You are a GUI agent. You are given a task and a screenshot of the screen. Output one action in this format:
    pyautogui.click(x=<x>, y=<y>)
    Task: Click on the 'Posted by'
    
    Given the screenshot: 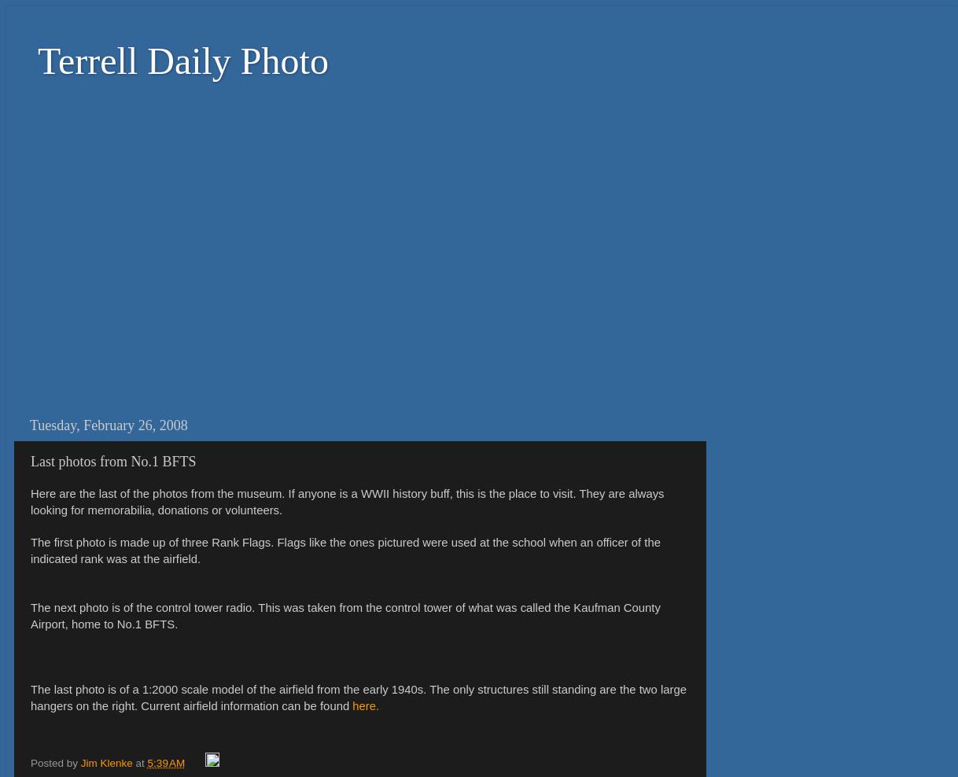 What is the action you would take?
    pyautogui.click(x=54, y=763)
    